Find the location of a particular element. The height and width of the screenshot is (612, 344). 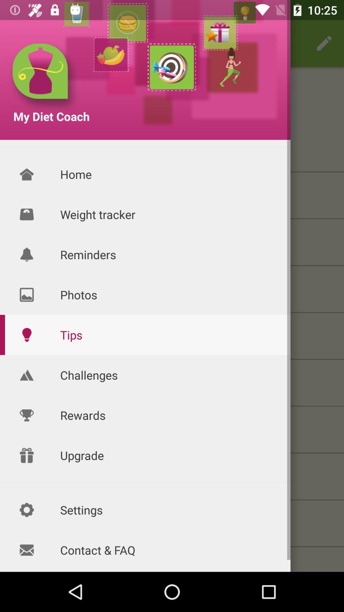

the photos icon is located at coordinates (30, 289).